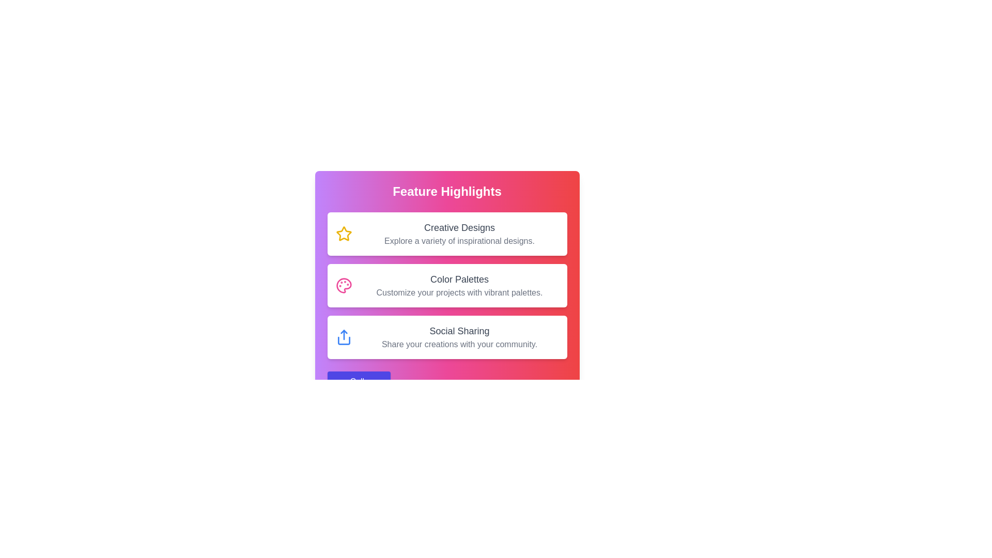 The width and height of the screenshot is (992, 558). I want to click on the decorative icon representing 'Creative Designs' located at the top-left corner of the content card, so click(344, 234).